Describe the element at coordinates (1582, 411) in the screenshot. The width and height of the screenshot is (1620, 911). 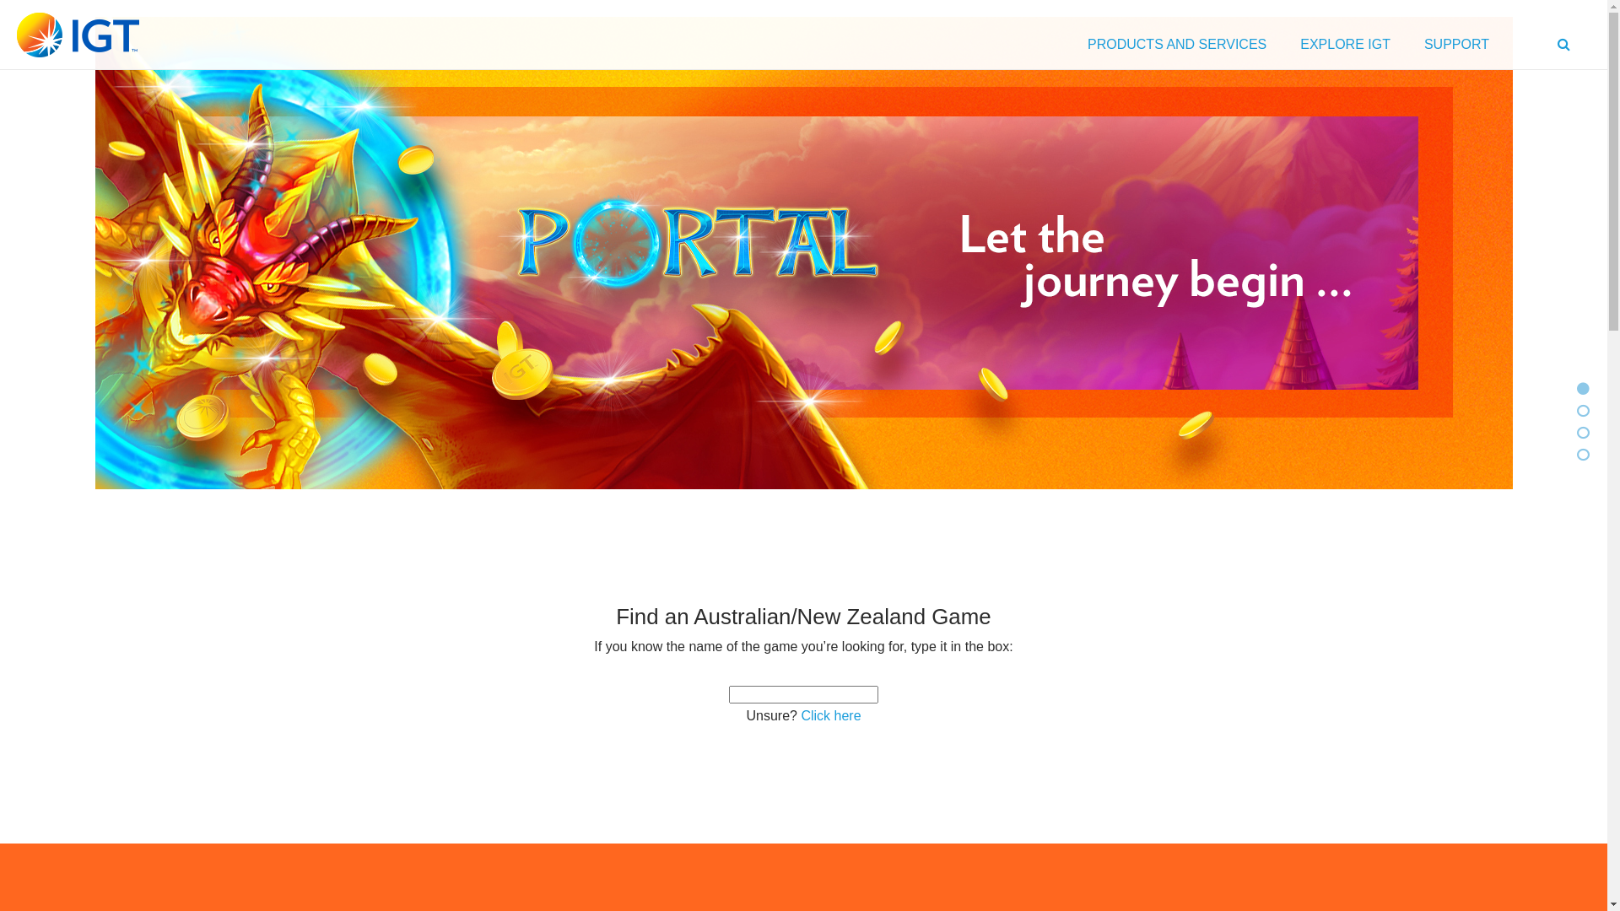
I see `'Find a Game'` at that location.